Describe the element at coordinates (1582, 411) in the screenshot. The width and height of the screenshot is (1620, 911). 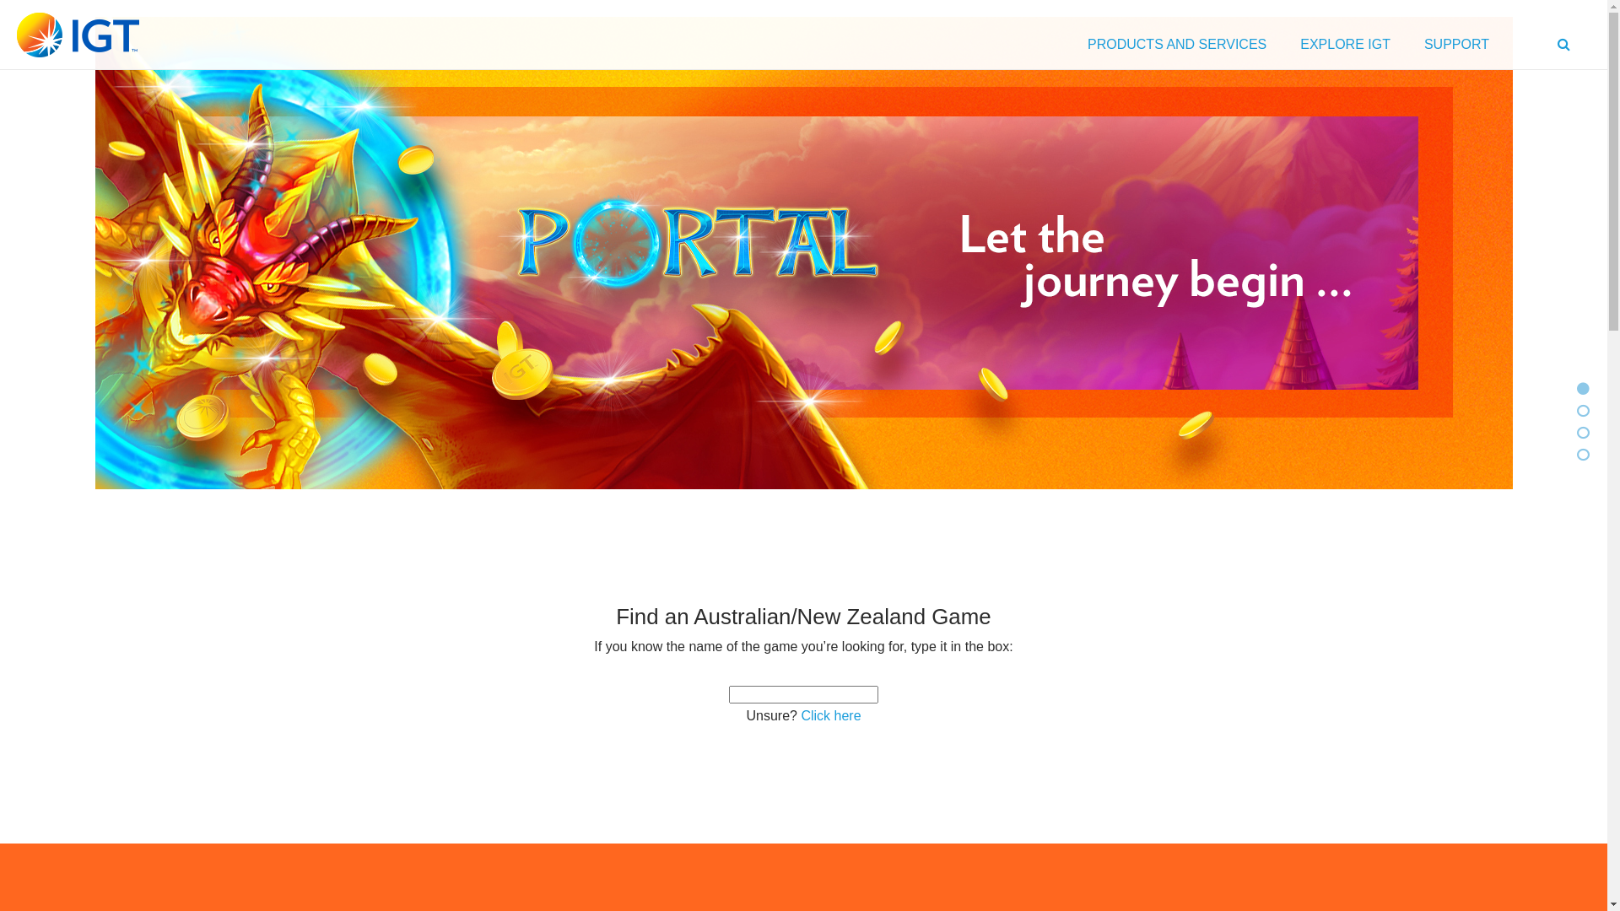
I see `'Find a Game'` at that location.